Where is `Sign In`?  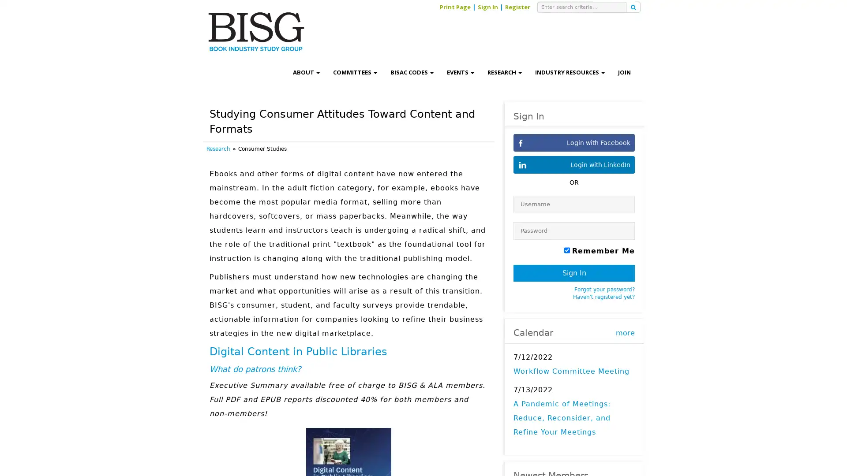 Sign In is located at coordinates (573, 273).